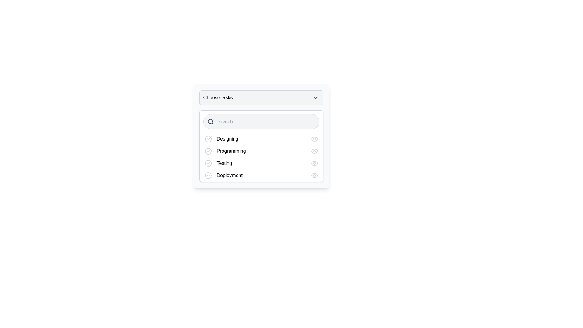 The height and width of the screenshot is (328, 583). What do you see at coordinates (314, 176) in the screenshot?
I see `the preview button for the 'Deployment' task located at the far right of the row within the dropdown menu for accessibility navigation` at bounding box center [314, 176].